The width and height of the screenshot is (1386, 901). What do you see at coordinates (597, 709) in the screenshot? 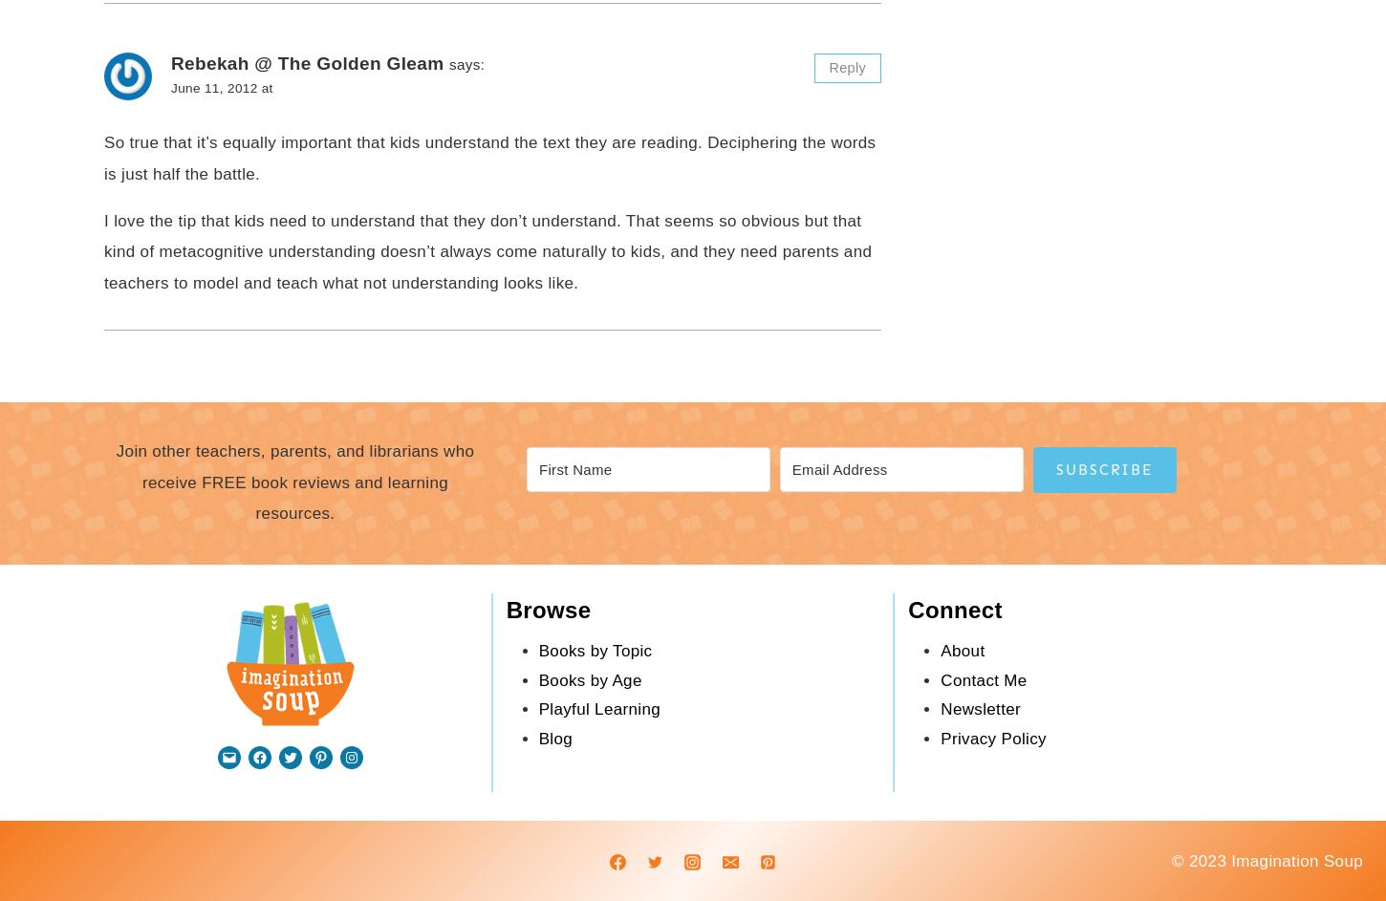
I see `'Playful Learning'` at bounding box center [597, 709].